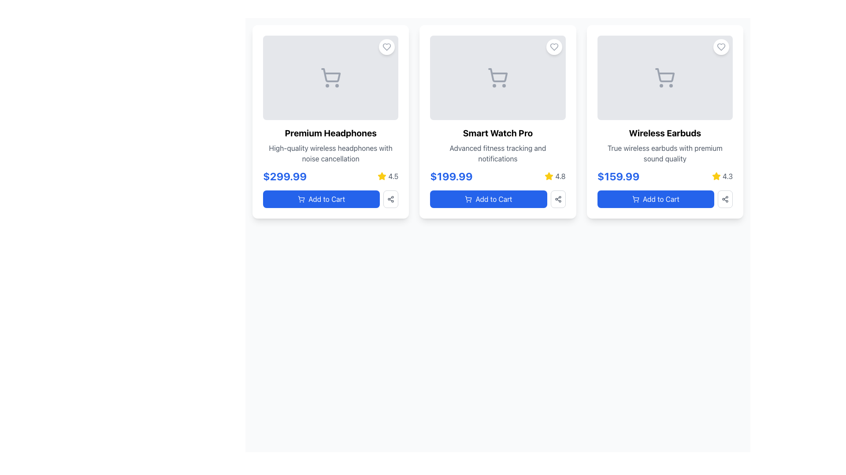 The height and width of the screenshot is (475, 846). What do you see at coordinates (330, 199) in the screenshot?
I see `the 'Add to Cart' button located at the bottom center of the product card for 'Premium Headphones'` at bounding box center [330, 199].